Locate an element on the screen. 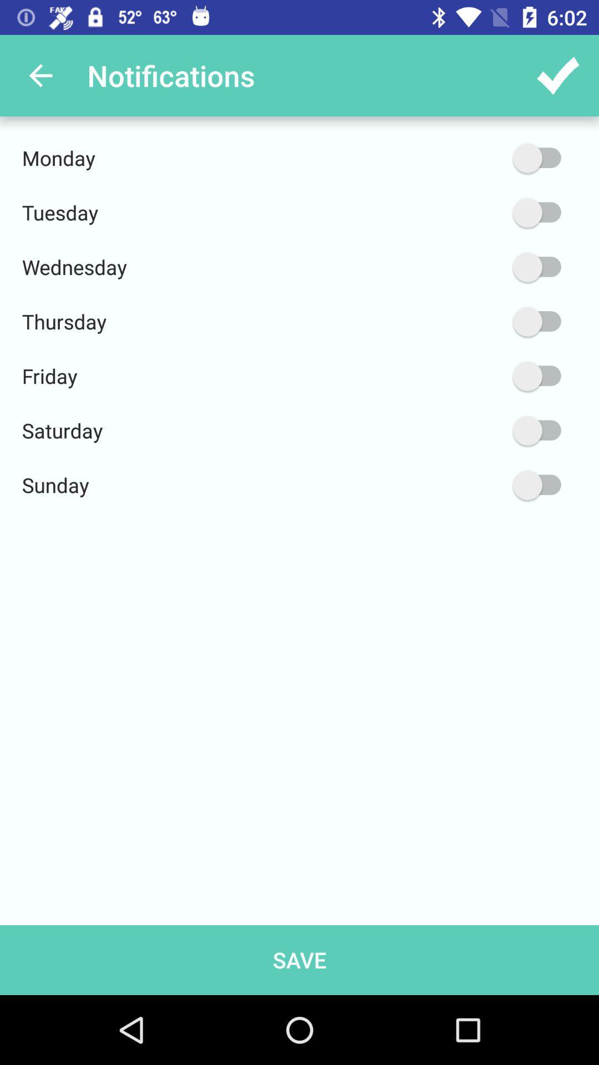 This screenshot has width=599, height=1065. monday is located at coordinates (484, 158).